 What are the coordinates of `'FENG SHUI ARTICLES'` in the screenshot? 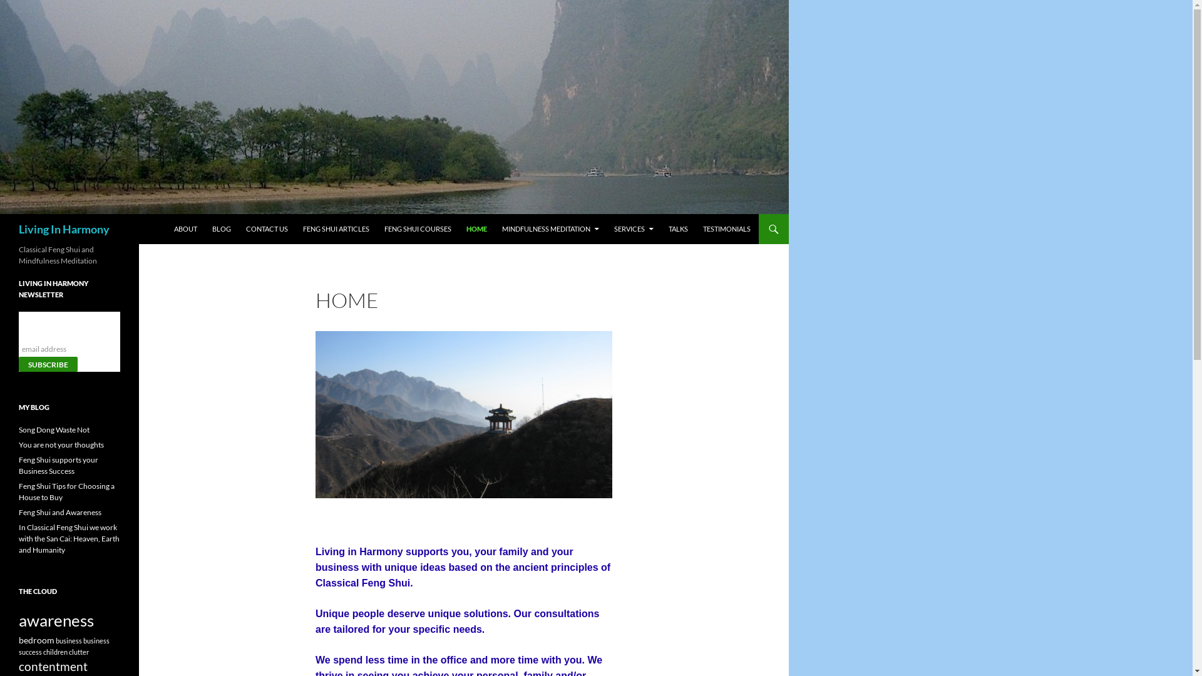 It's located at (336, 229).